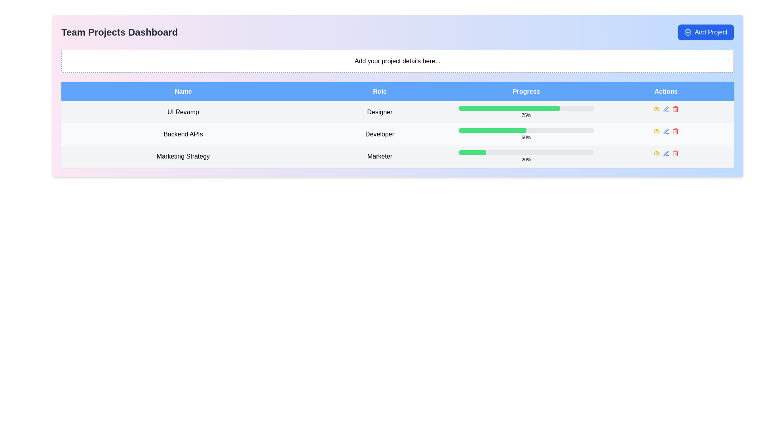  Describe the element at coordinates (526, 91) in the screenshot. I see `the 'Progress' tab header, which is the third tab in a row of four tabs, located between 'Role' and 'Actions'` at that location.